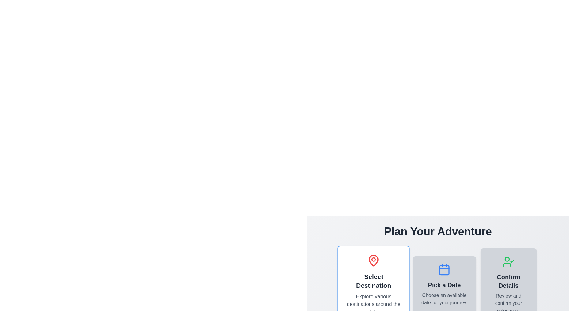 The height and width of the screenshot is (331, 588). What do you see at coordinates (373, 285) in the screenshot?
I see `the Informational card featuring a red location pin icon and the text 'Select Destination'` at bounding box center [373, 285].